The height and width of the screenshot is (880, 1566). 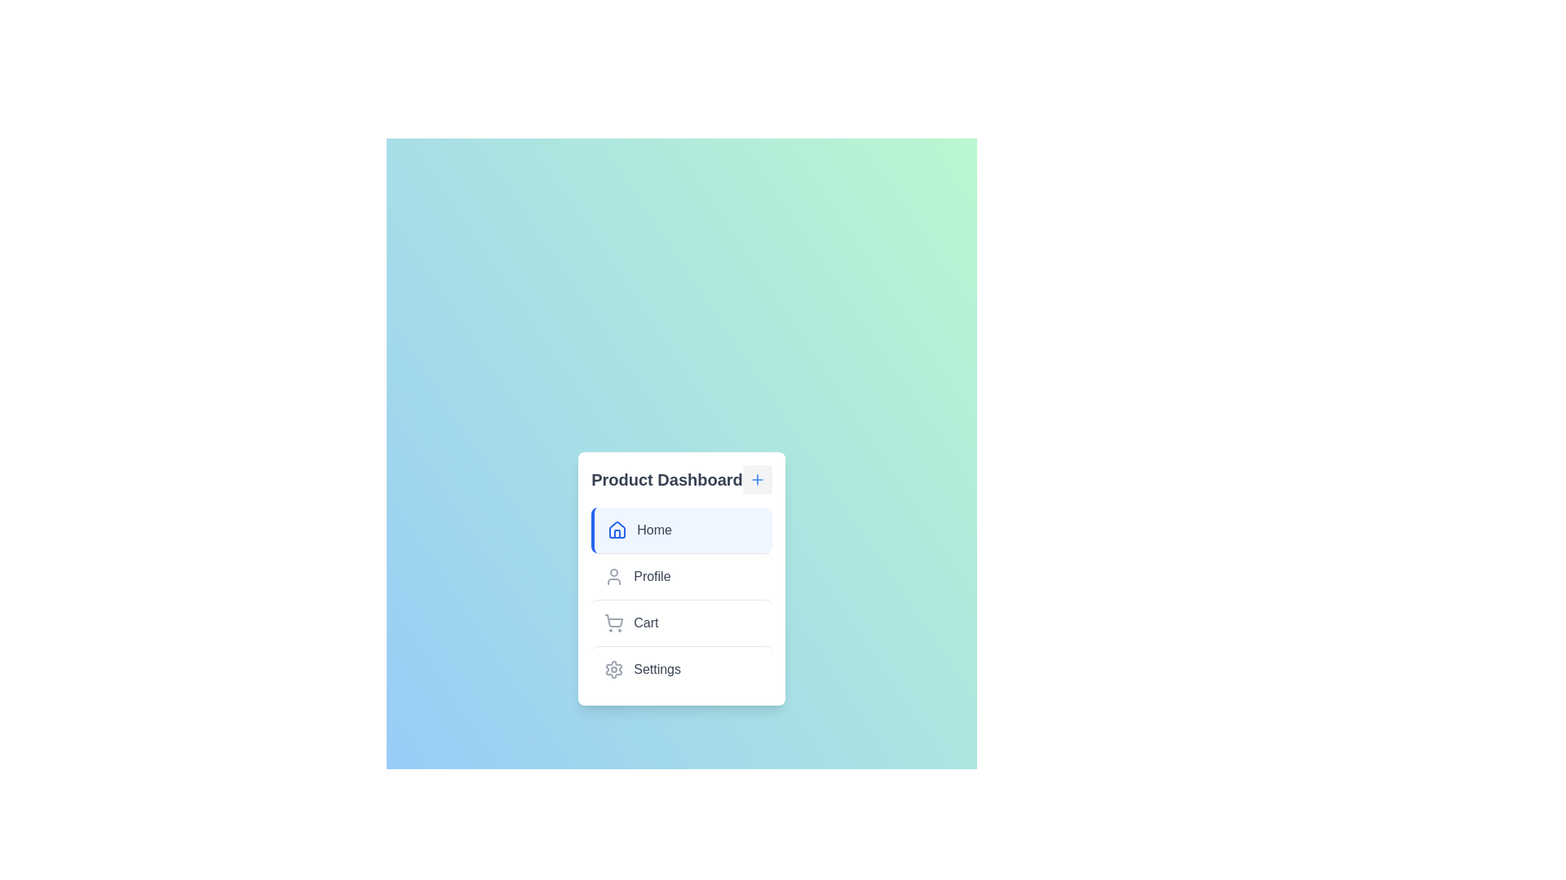 I want to click on the '+' button to toggle the visibility of the menu, so click(x=756, y=478).